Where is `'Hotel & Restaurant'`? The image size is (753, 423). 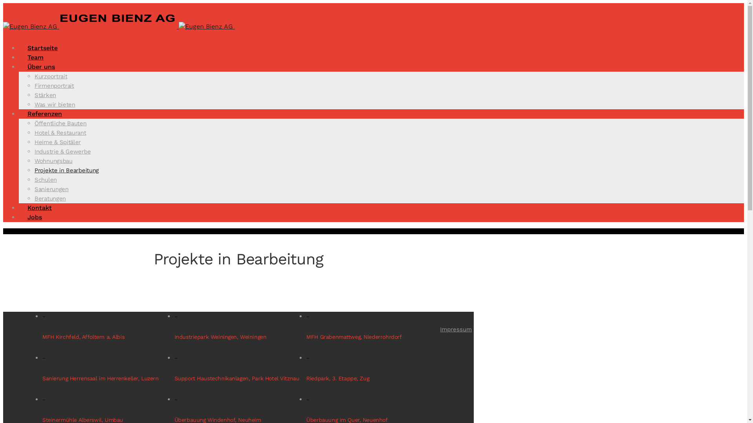
'Hotel & Restaurant' is located at coordinates (60, 132).